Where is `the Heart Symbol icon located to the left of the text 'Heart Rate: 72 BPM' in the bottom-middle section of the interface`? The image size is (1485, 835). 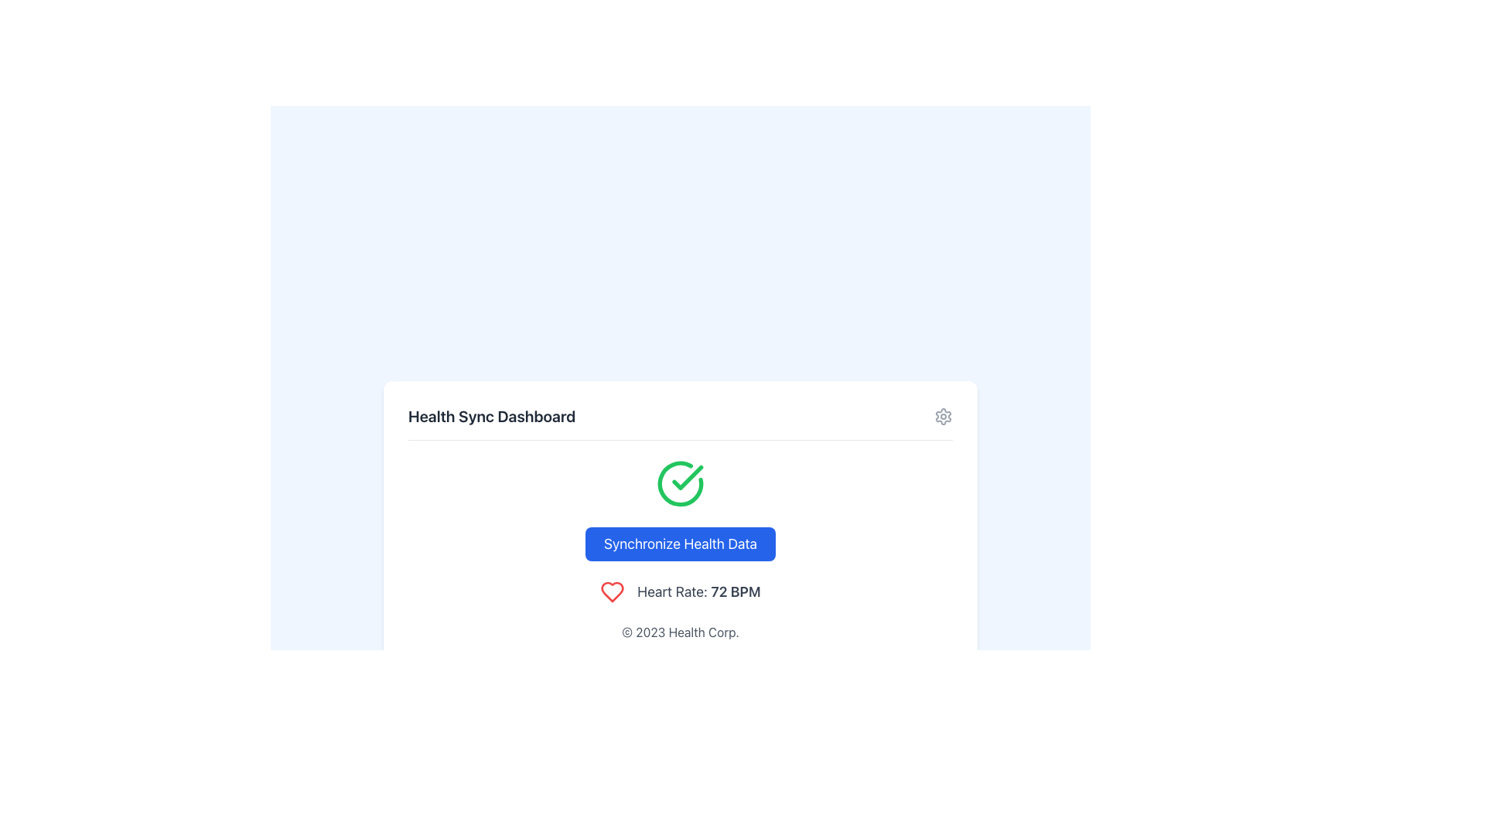 the Heart Symbol icon located to the left of the text 'Heart Rate: 72 BPM' in the bottom-middle section of the interface is located at coordinates (612, 591).